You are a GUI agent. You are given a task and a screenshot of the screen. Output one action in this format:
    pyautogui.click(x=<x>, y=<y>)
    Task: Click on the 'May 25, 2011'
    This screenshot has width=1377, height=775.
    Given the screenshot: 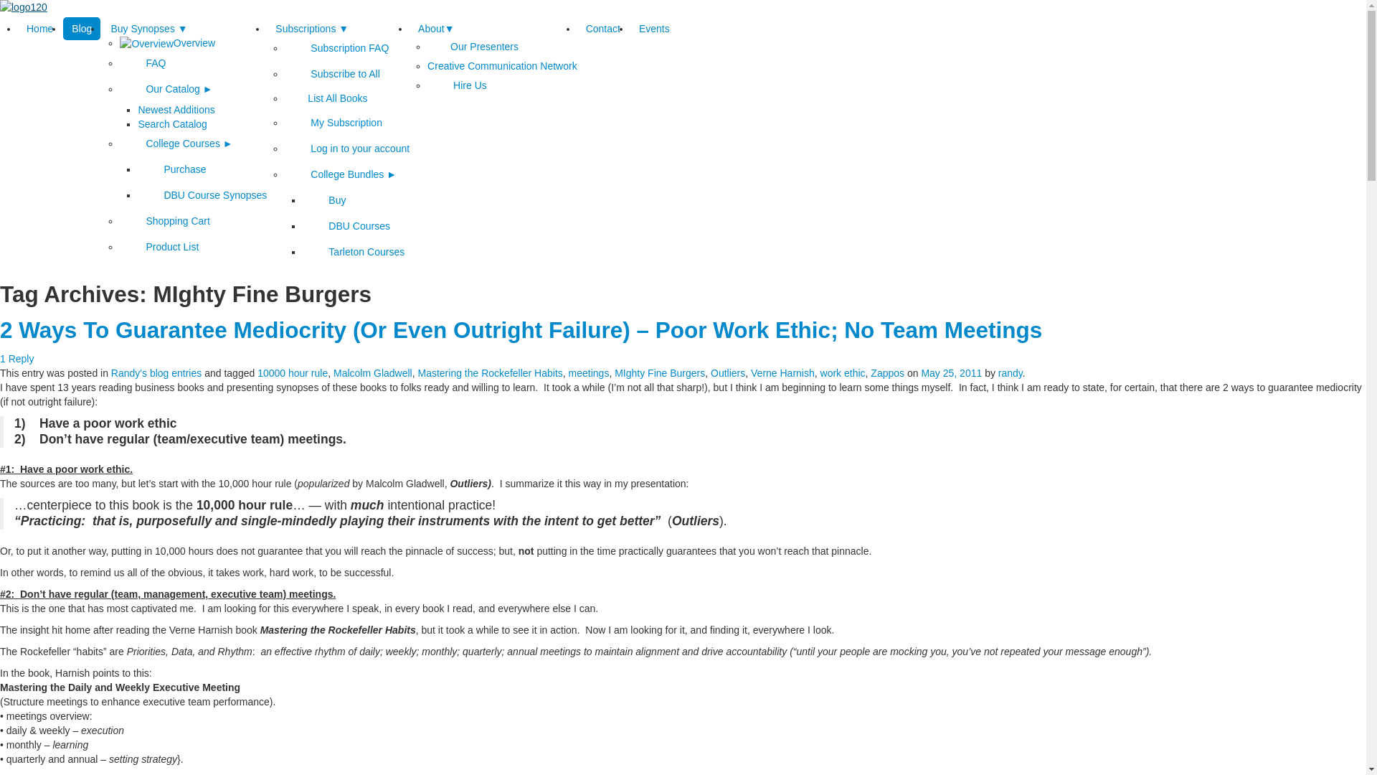 What is the action you would take?
    pyautogui.click(x=951, y=372)
    